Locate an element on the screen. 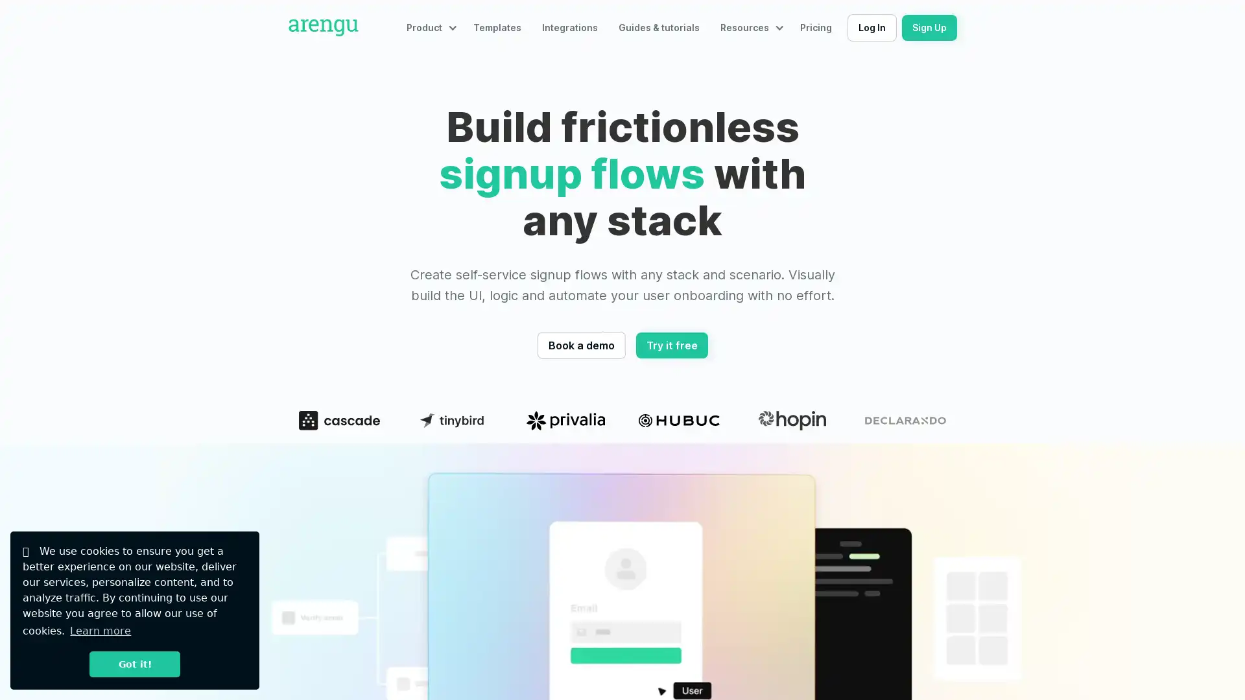 Image resolution: width=1245 pixels, height=700 pixels. learn more about cookies is located at coordinates (99, 630).